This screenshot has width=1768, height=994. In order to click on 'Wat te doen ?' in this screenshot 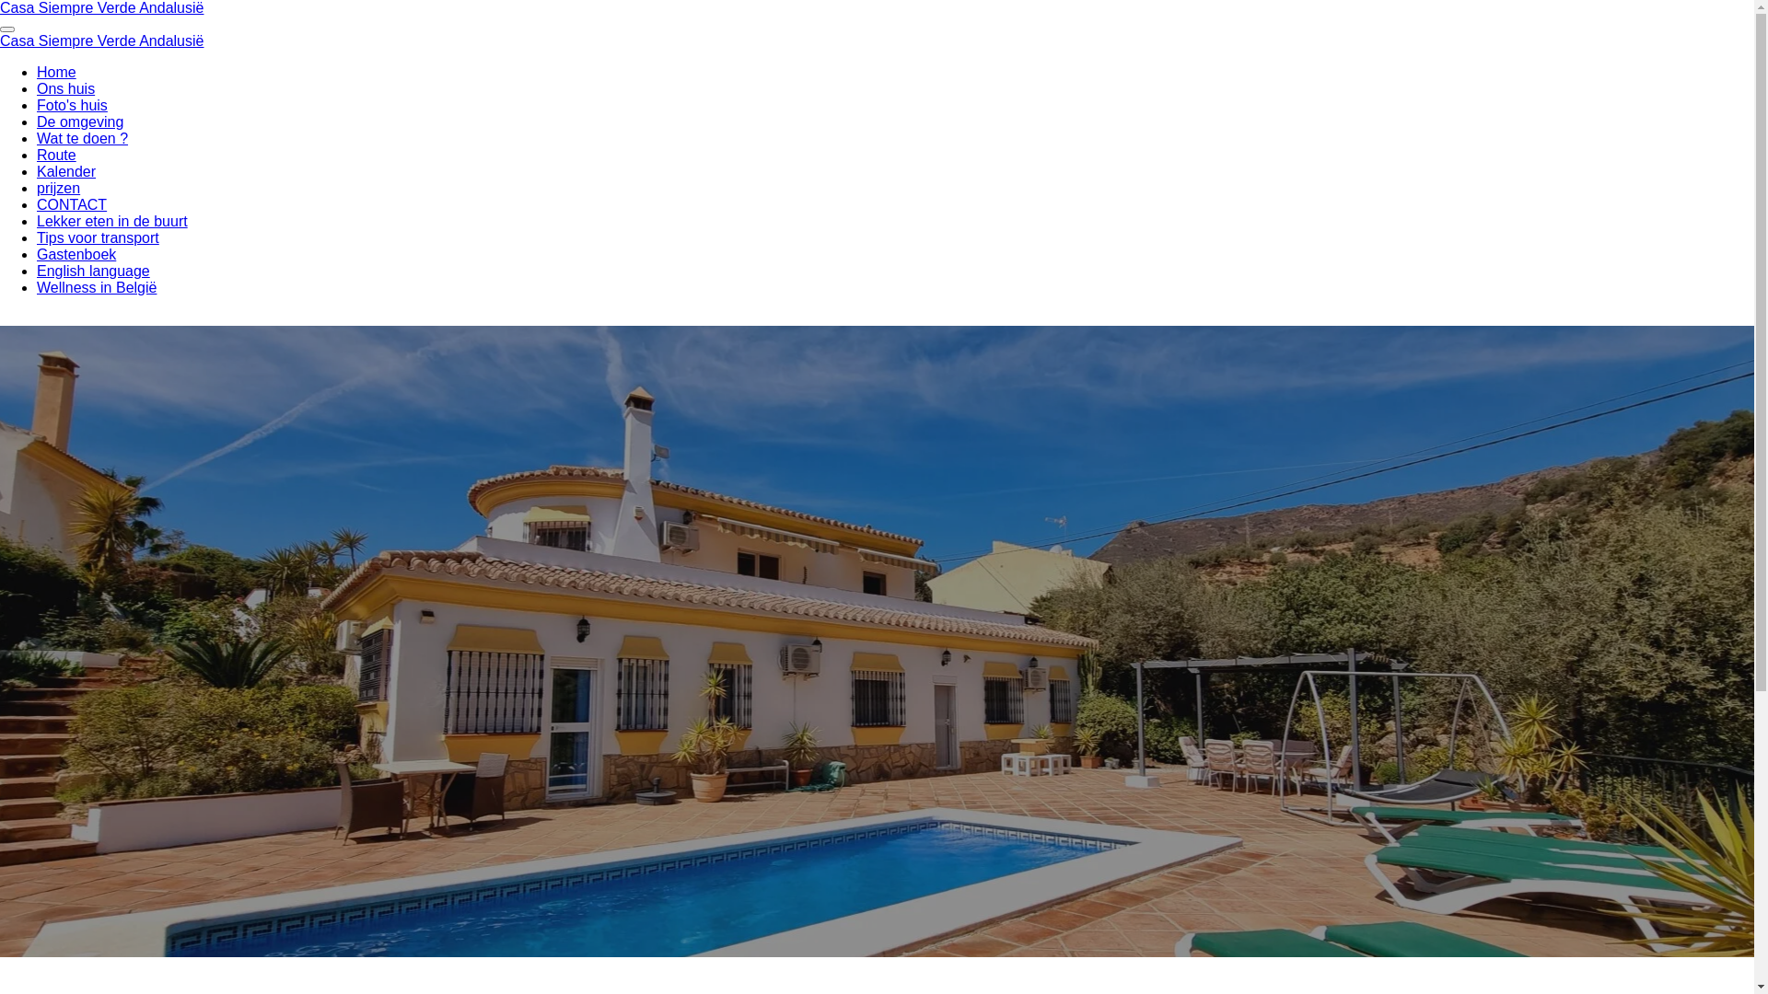, I will do `click(81, 137)`.